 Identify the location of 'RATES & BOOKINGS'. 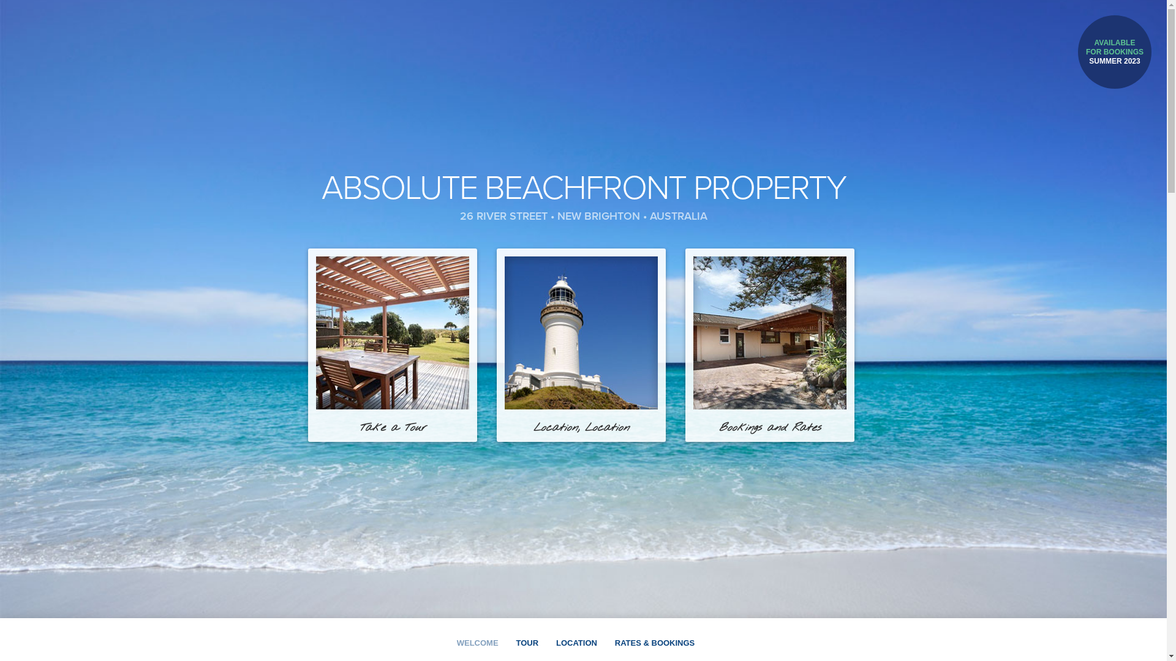
(614, 642).